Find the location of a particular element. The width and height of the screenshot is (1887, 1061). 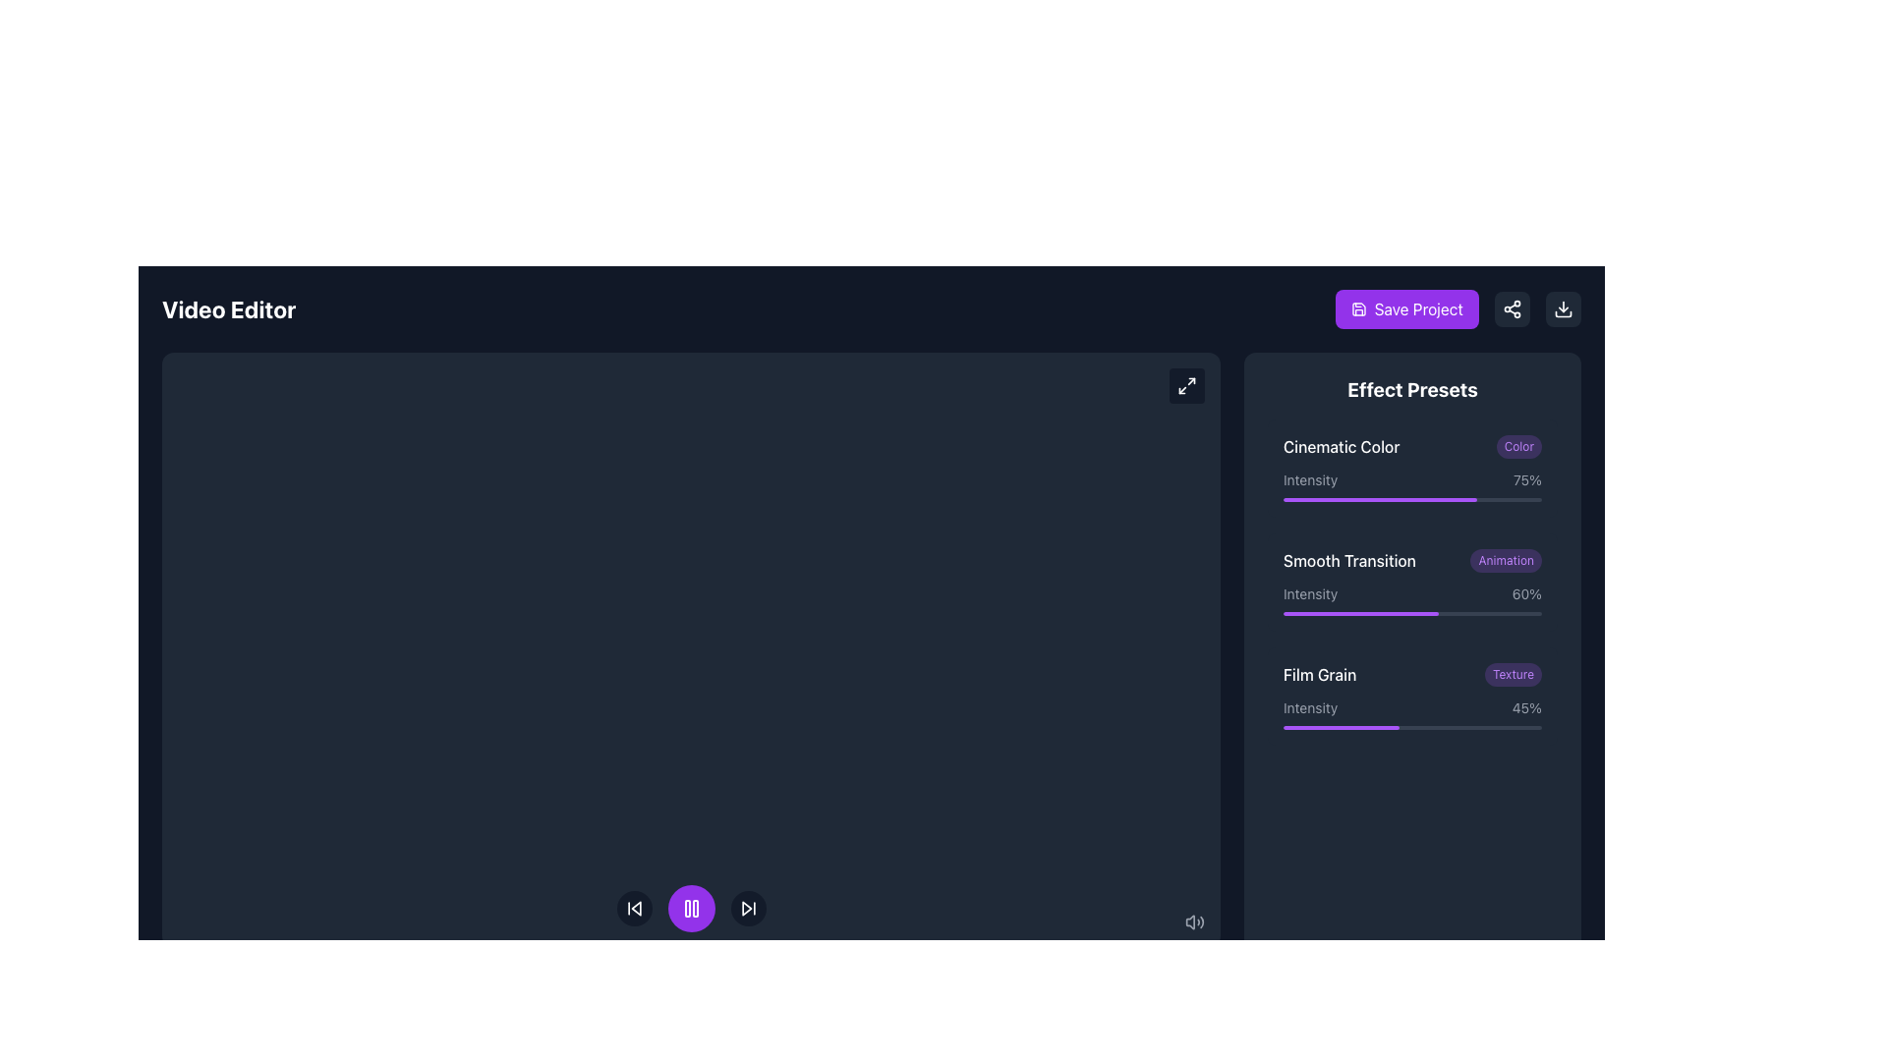

the width of the Progress bar segment indicating the 60% value of the 'Smooth Transition' setting located in the effect settings panel on the right side of the interface is located at coordinates (1359, 612).